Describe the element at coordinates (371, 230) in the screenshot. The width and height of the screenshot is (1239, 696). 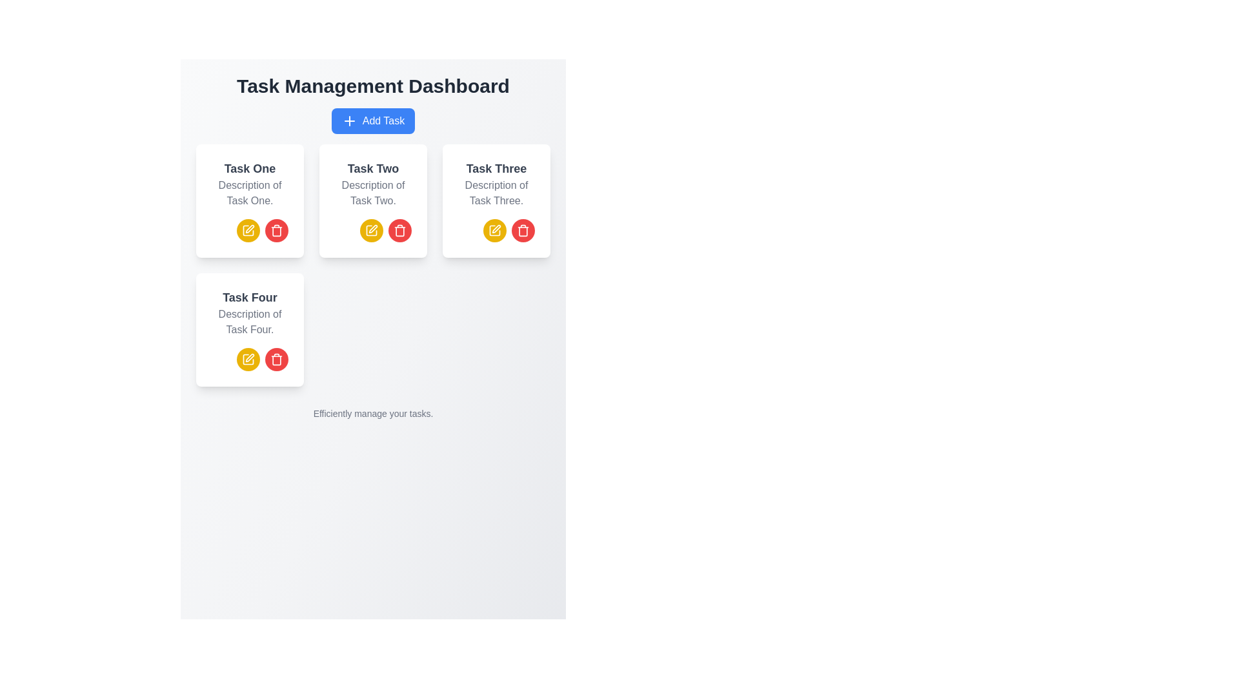
I see `the yellow edit button with a pen icon located at the bottom of the 'Task Two' card in the Task Management Dashboard to initiate editing` at that location.